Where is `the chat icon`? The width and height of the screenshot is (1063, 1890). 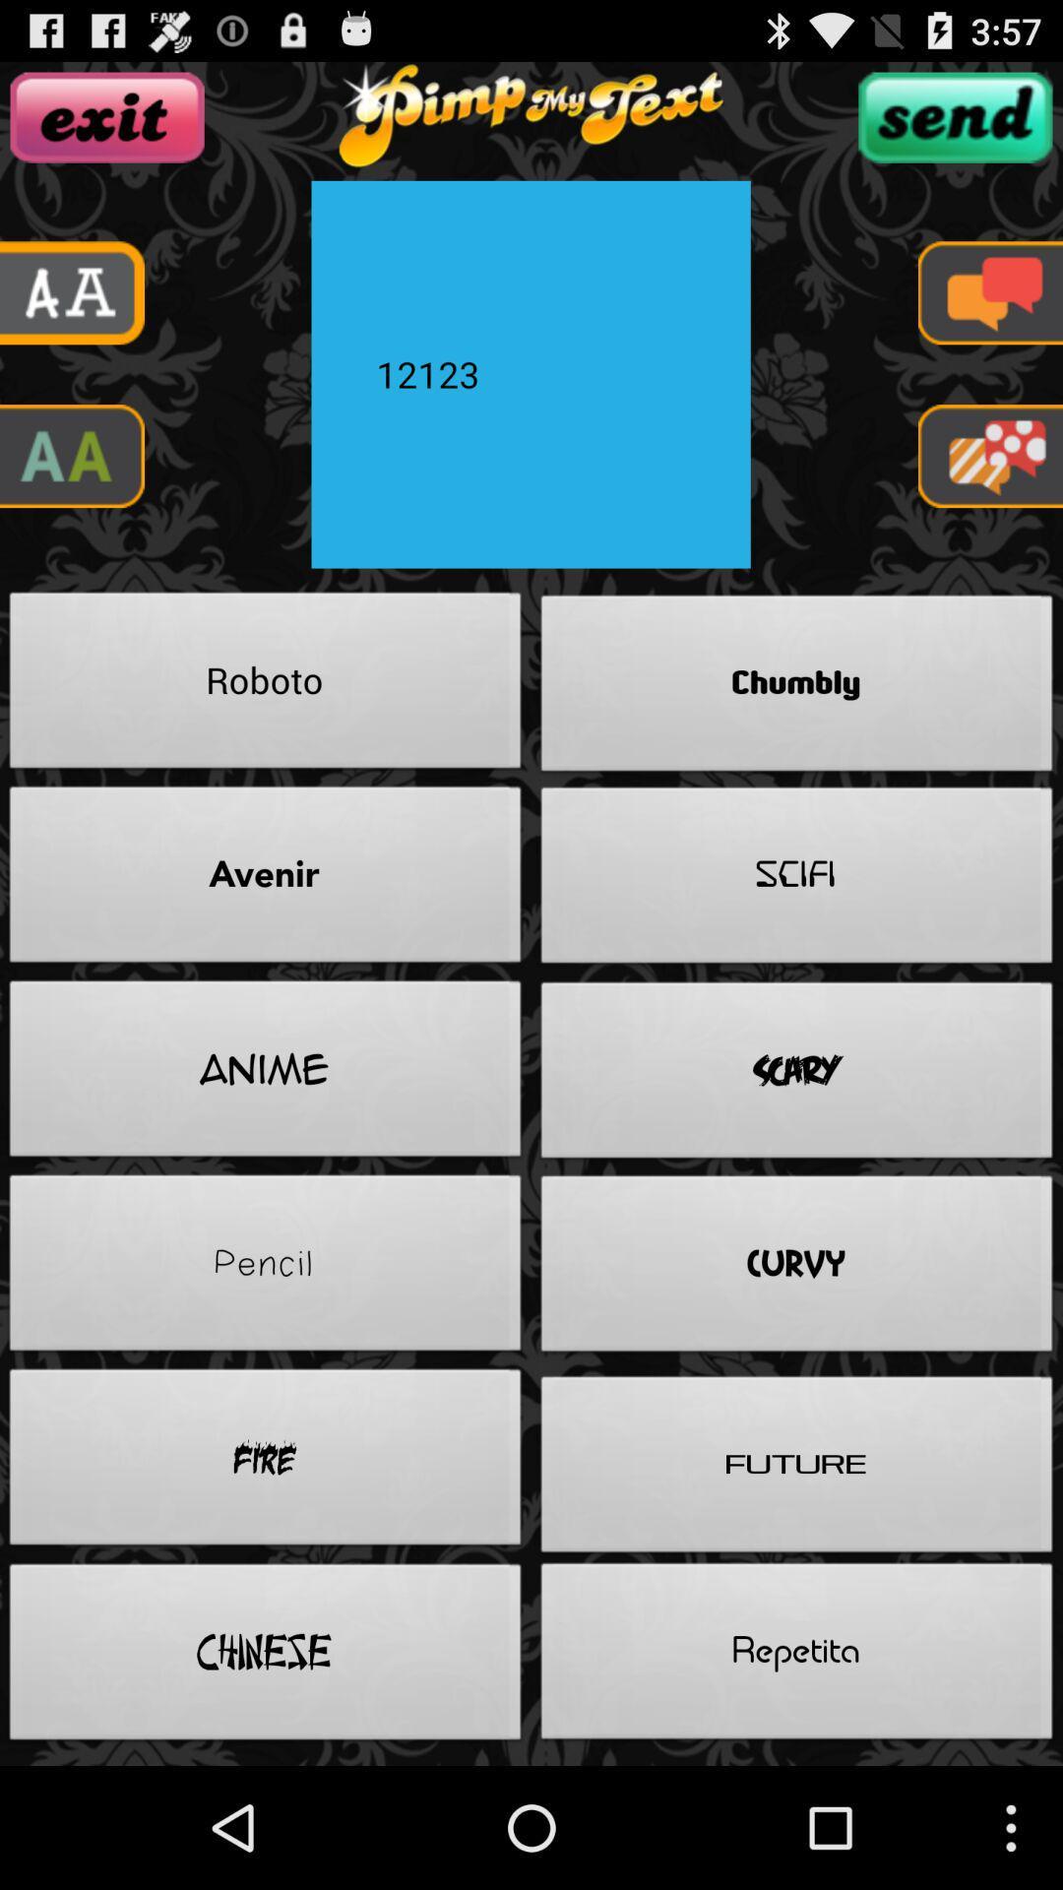
the chat icon is located at coordinates (990, 488).